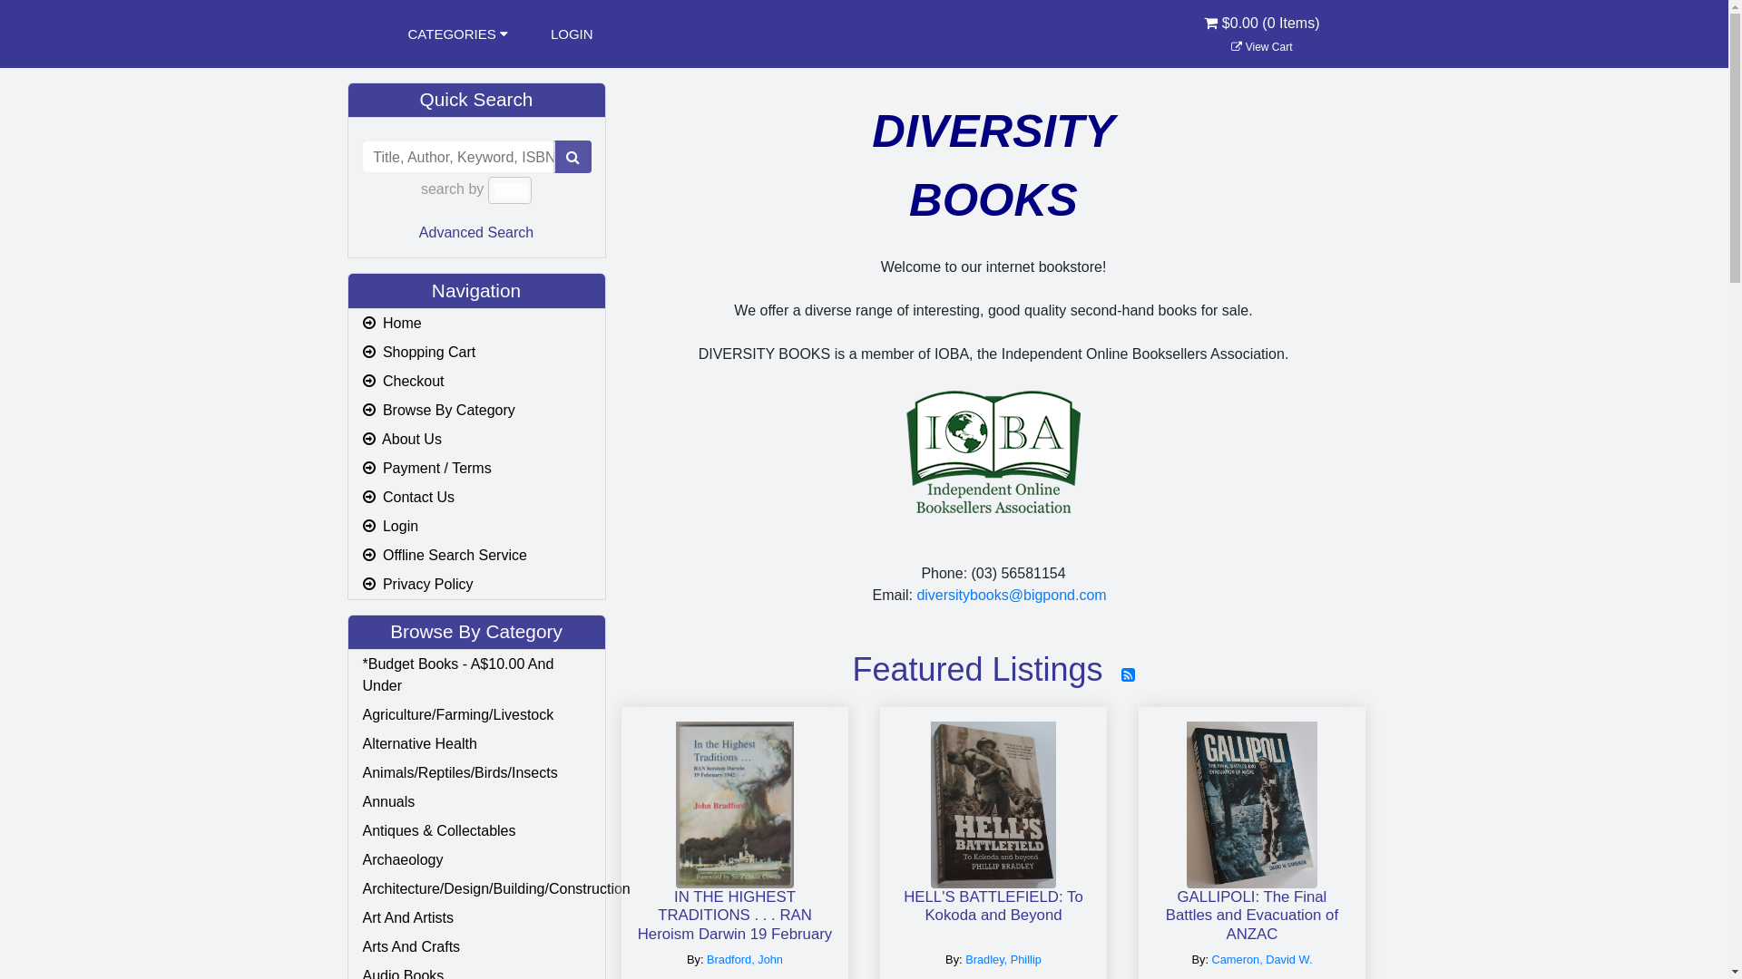 Image resolution: width=1742 pixels, height=979 pixels. I want to click on ' Payment / Terms', so click(476, 467).